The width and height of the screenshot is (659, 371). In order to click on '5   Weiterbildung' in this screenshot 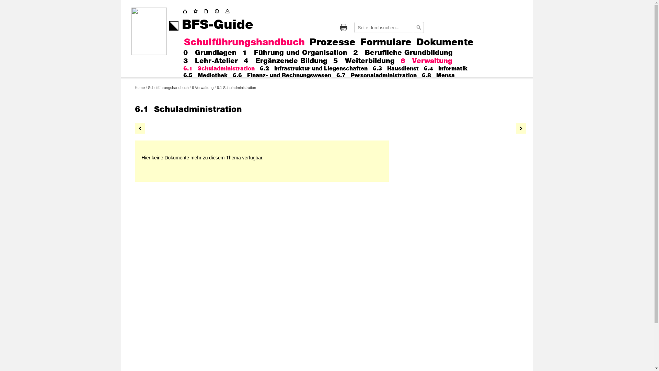, I will do `click(363, 60)`.